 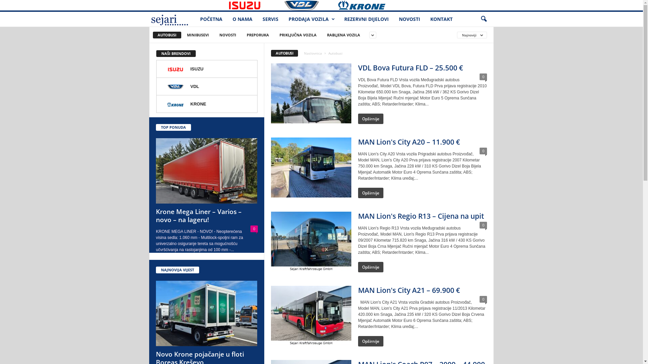 I want to click on 'RABLJENA VOZILA', so click(x=343, y=35).